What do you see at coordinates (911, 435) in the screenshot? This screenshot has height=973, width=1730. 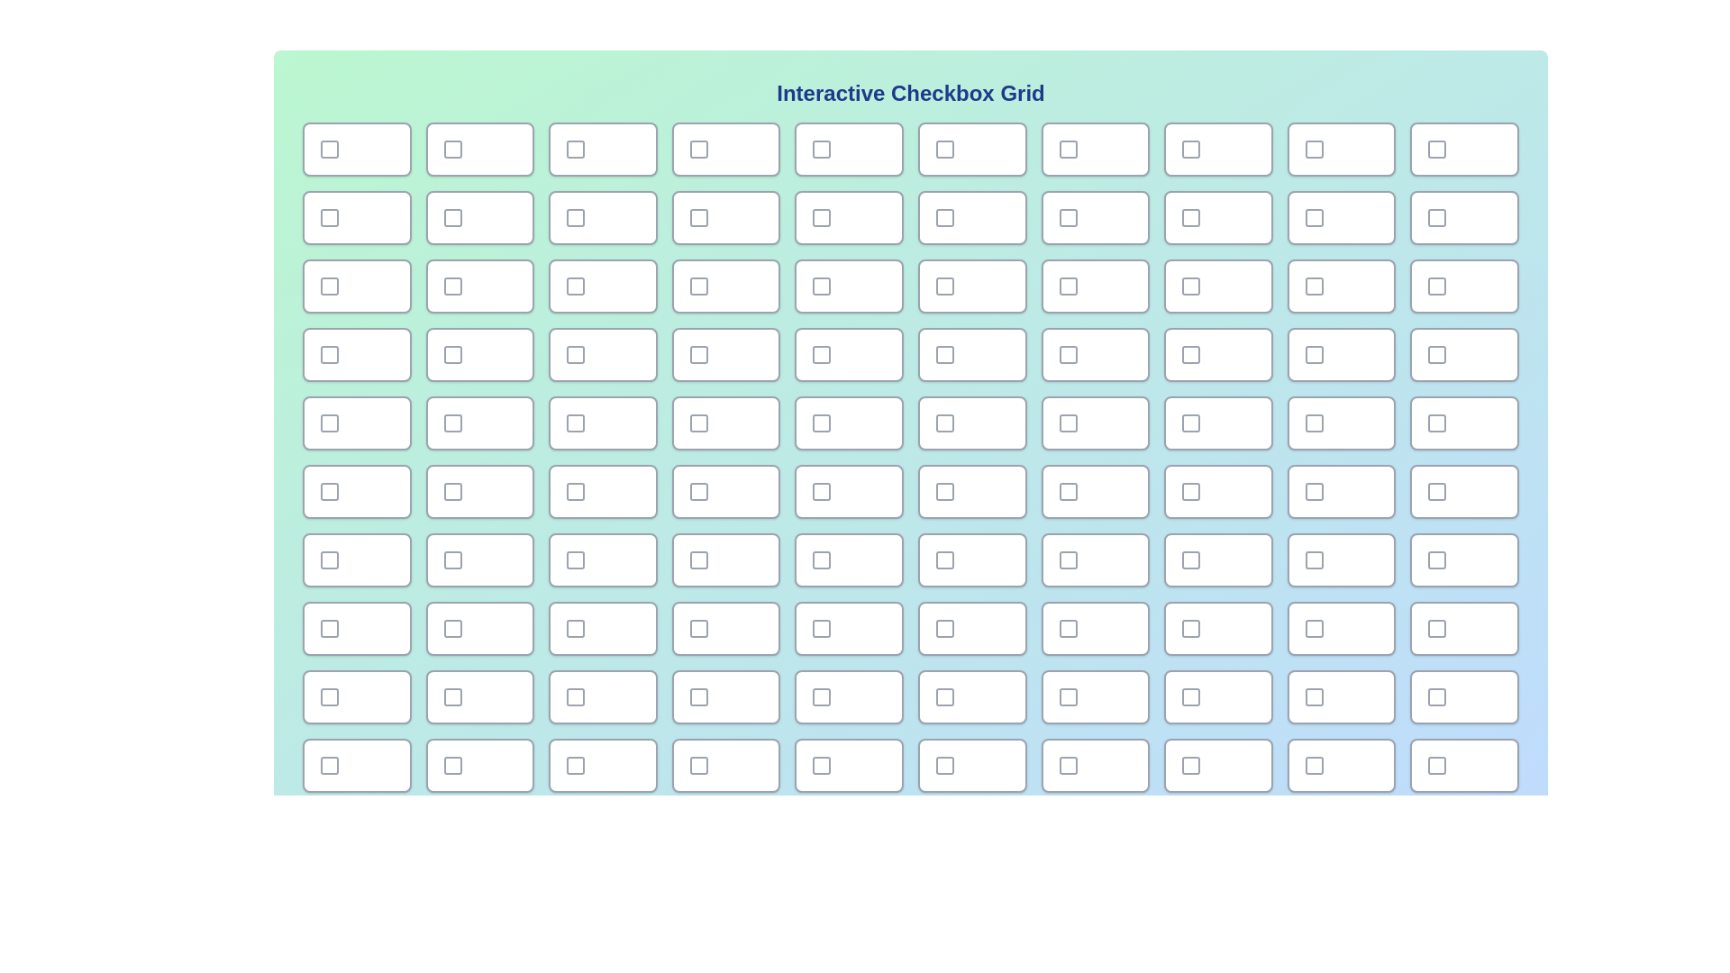 I see `the background gradient to focus on the component` at bounding box center [911, 435].